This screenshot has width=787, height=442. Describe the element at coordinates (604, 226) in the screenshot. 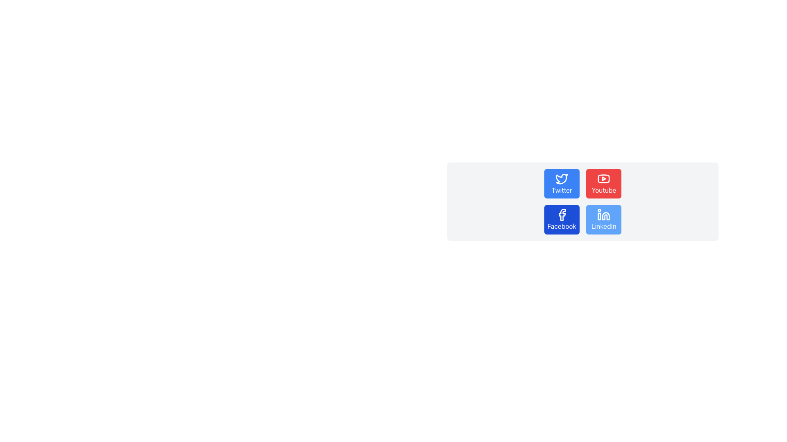

I see `the text within the LinkedIn button` at that location.